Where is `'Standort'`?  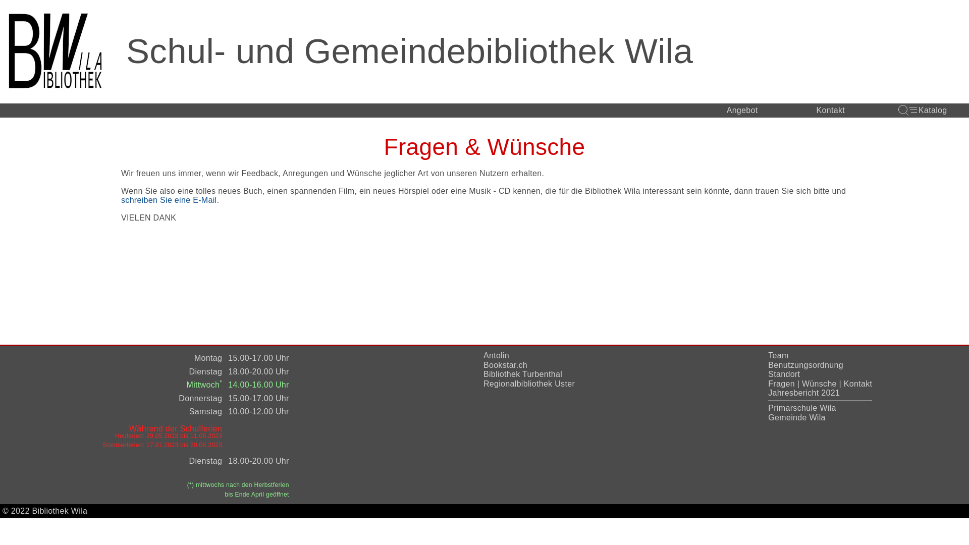 'Standort' is located at coordinates (783, 374).